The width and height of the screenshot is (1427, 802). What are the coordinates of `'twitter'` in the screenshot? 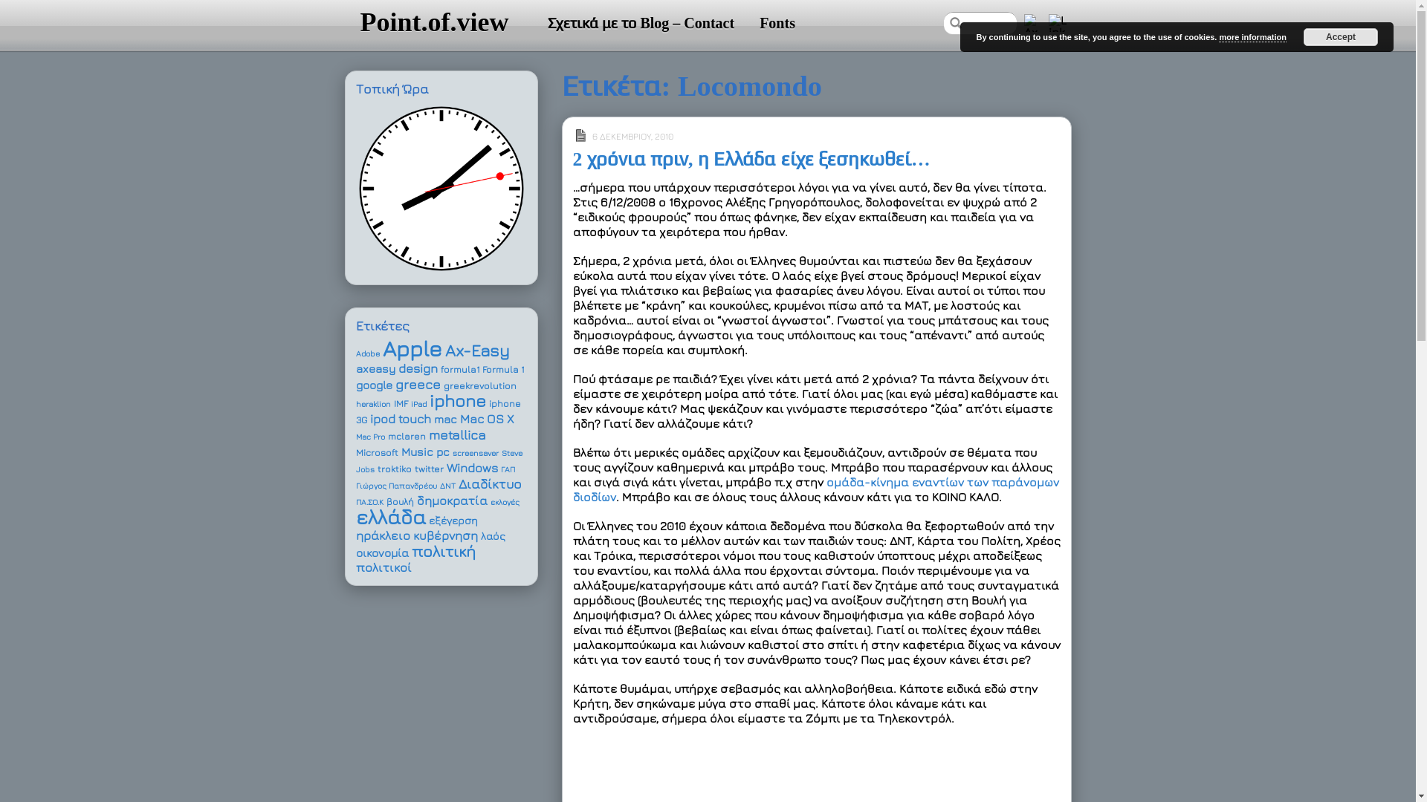 It's located at (428, 469).